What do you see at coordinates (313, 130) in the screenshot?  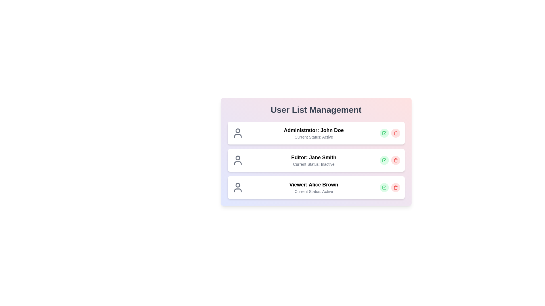 I see `the static text label displaying 'Administrator: John Doe' which is the topmost entry in the 'User List Management' vertical list` at bounding box center [313, 130].